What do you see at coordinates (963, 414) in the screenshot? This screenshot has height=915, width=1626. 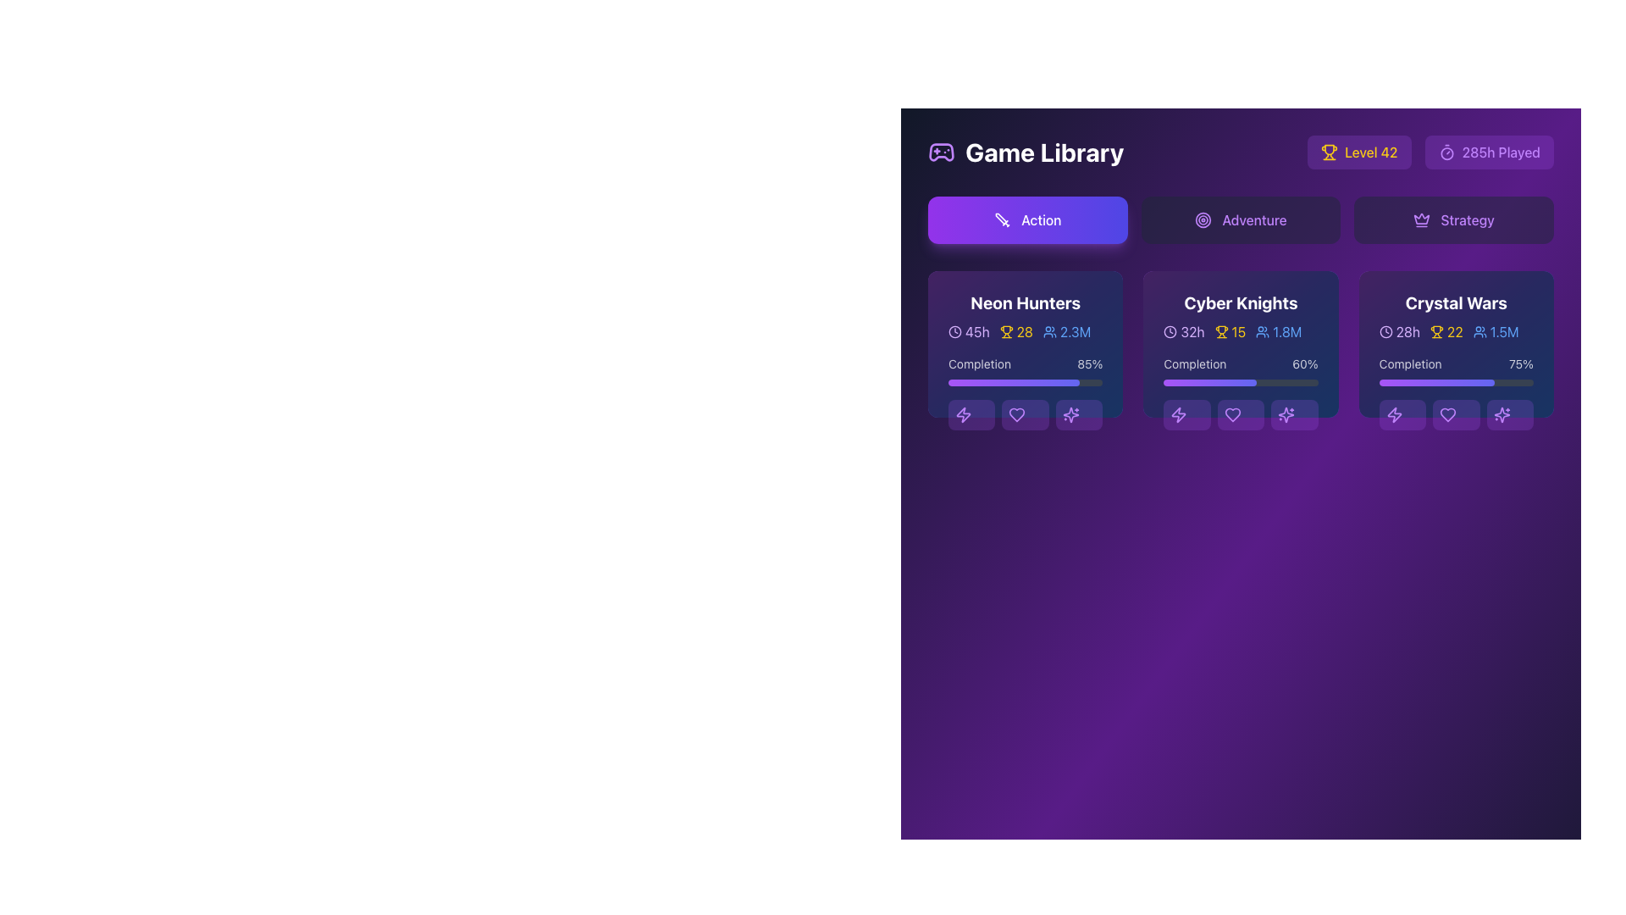 I see `the lightning bolt icon, which is the first icon in the group below the 'Neon Hunters' panel` at bounding box center [963, 414].